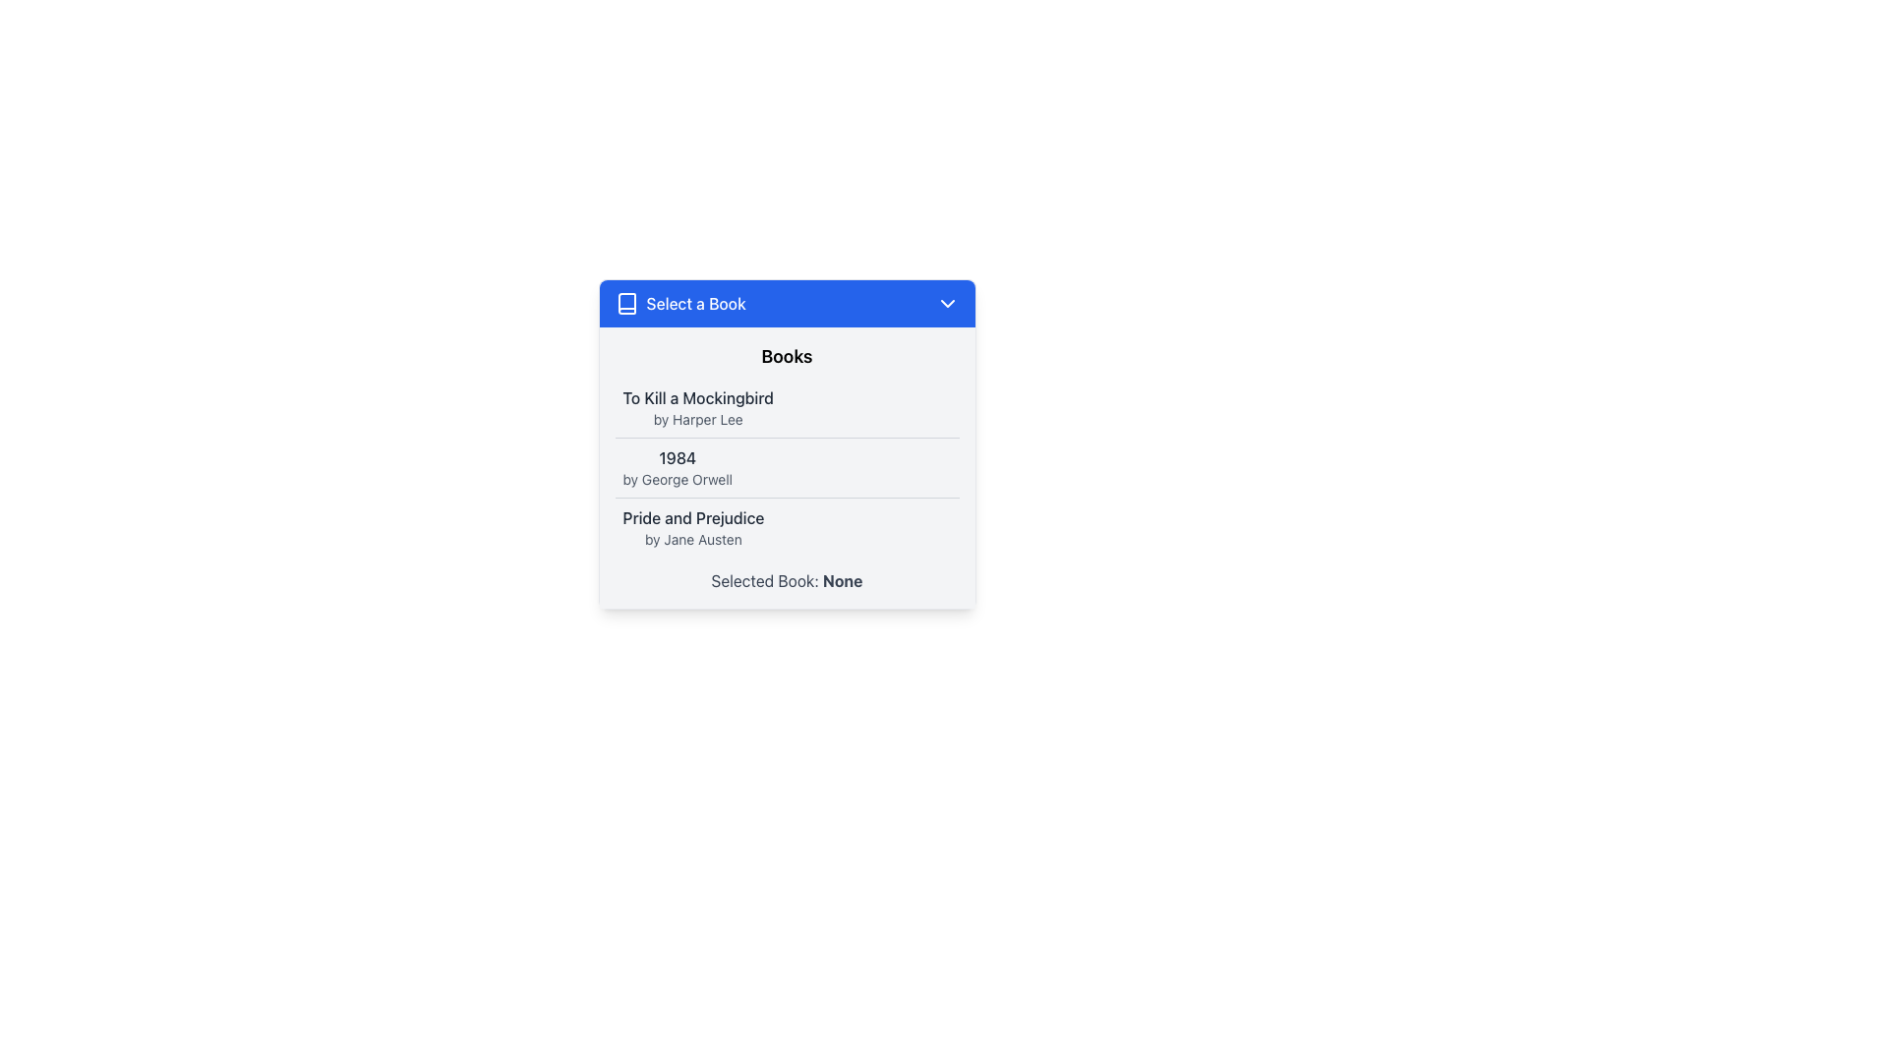  Describe the element at coordinates (693, 526) in the screenshot. I see `the list item representing the book 'Pride and Prejudice' by Jane Austen` at that location.